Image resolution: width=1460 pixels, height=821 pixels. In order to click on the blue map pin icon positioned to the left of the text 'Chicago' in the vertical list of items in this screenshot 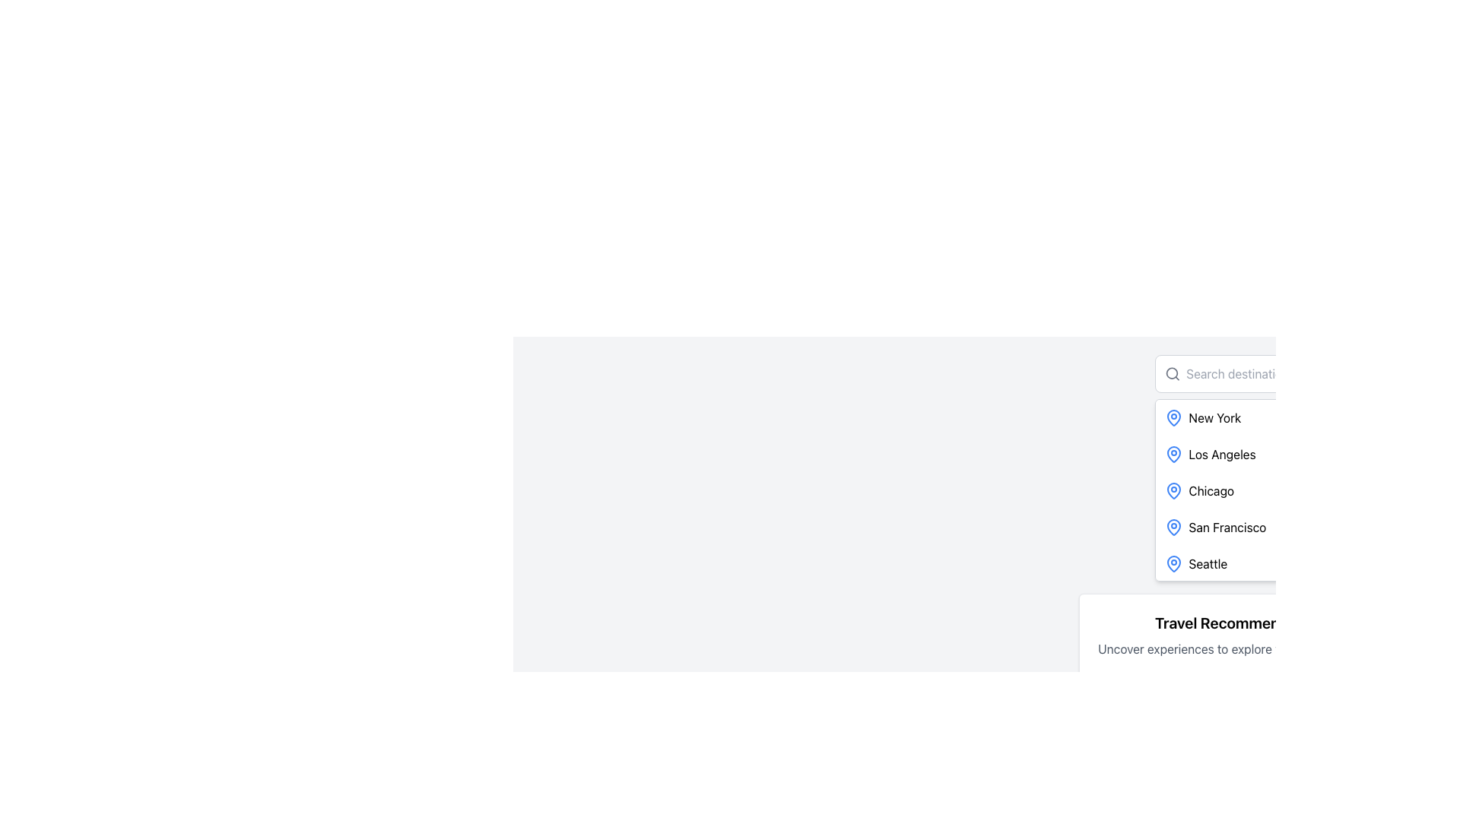, I will do `click(1173, 490)`.